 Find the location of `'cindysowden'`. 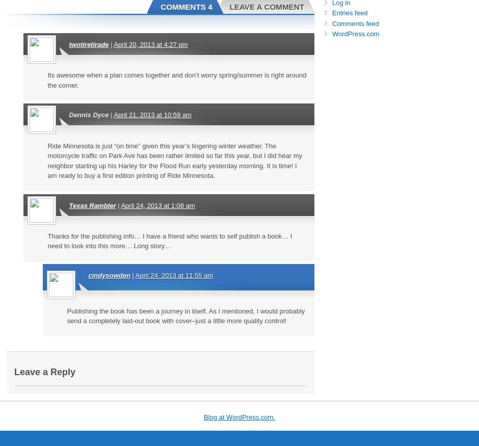

'cindysowden' is located at coordinates (109, 275).